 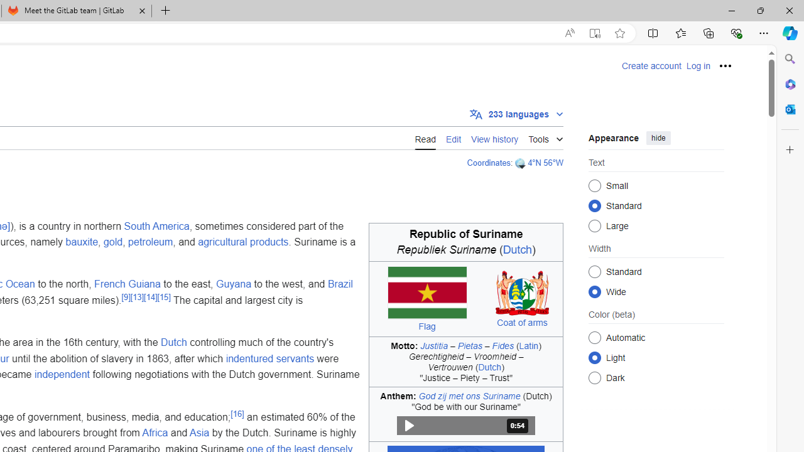 I want to click on 'Read', so click(x=425, y=137).